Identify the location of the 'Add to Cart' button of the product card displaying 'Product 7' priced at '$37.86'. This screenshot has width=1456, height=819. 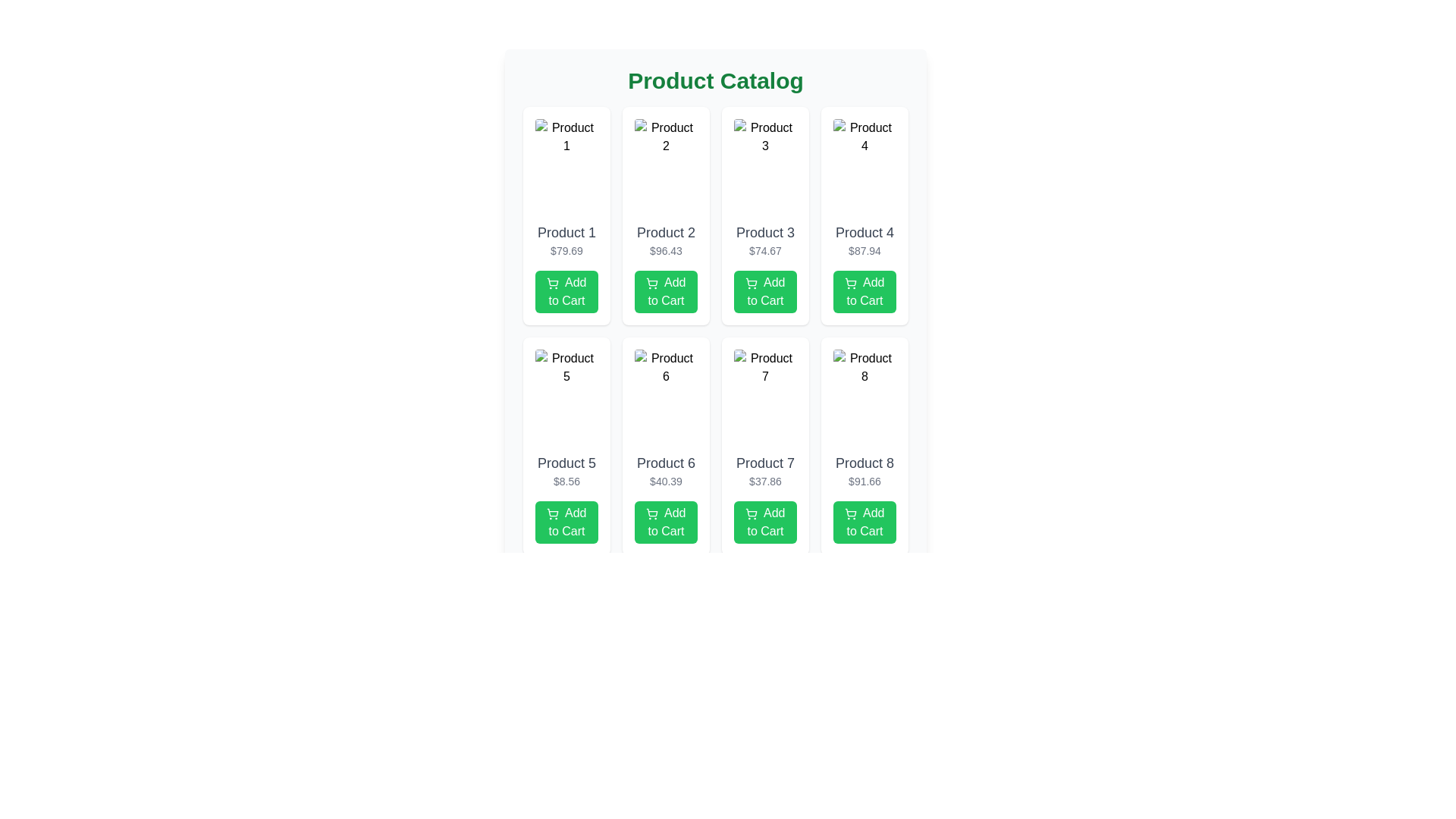
(765, 446).